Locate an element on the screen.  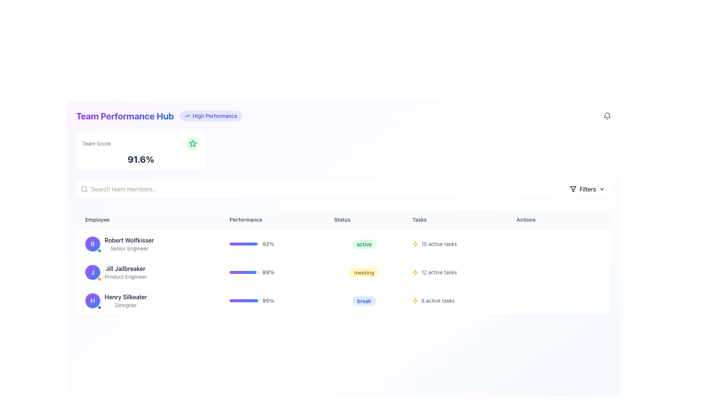
the decorative chevron-down icon located at the top-right corner of the interface is located at coordinates (602, 188).